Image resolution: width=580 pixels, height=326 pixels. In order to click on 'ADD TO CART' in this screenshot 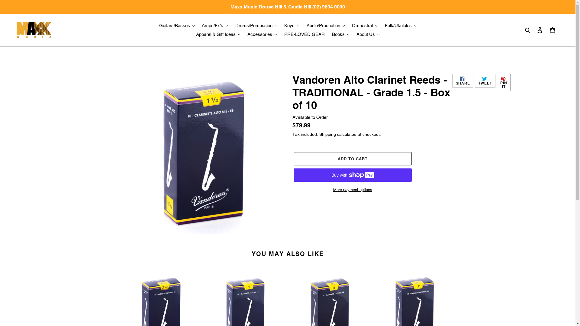, I will do `click(352, 158)`.